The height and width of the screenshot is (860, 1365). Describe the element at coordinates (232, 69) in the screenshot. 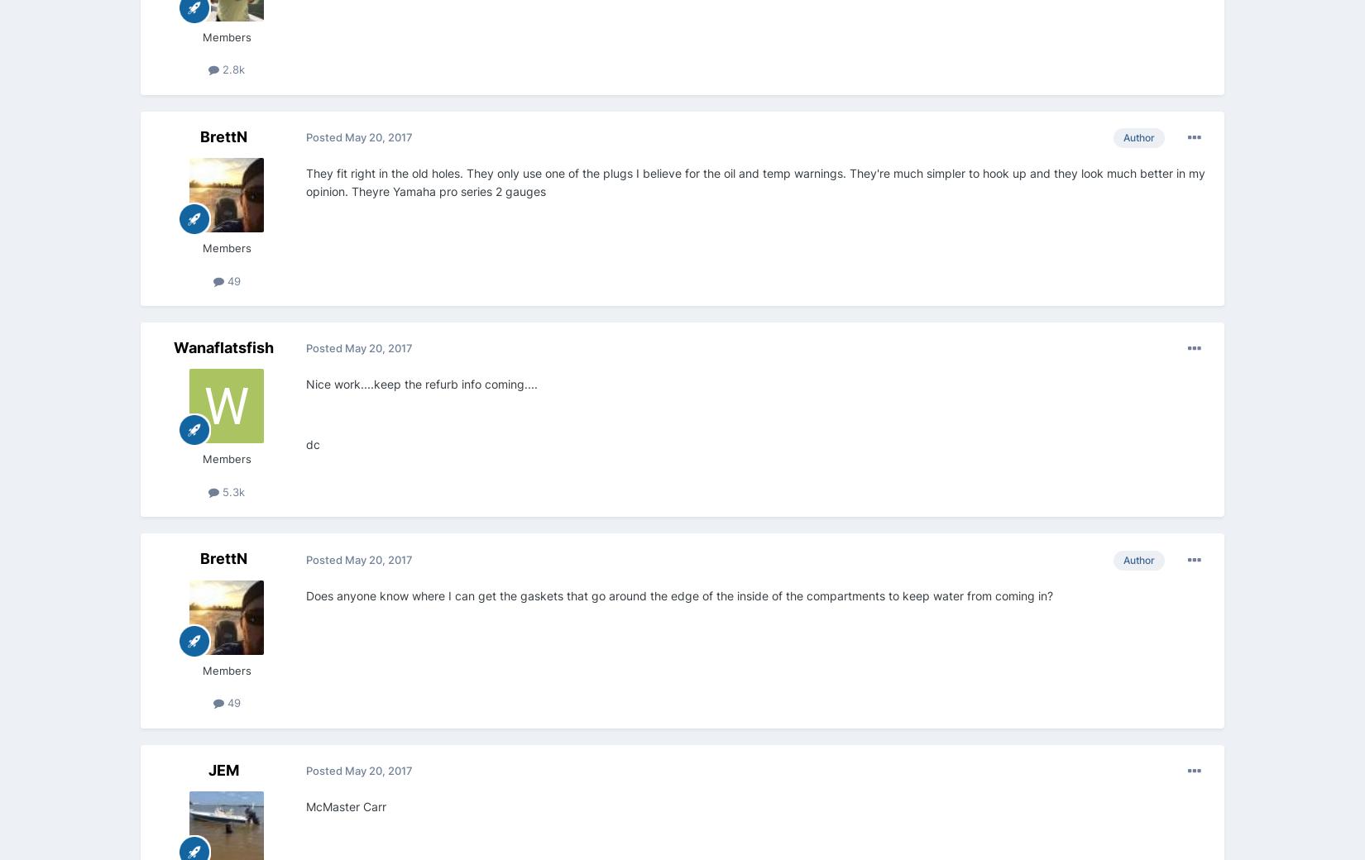

I see `'2.8k'` at that location.